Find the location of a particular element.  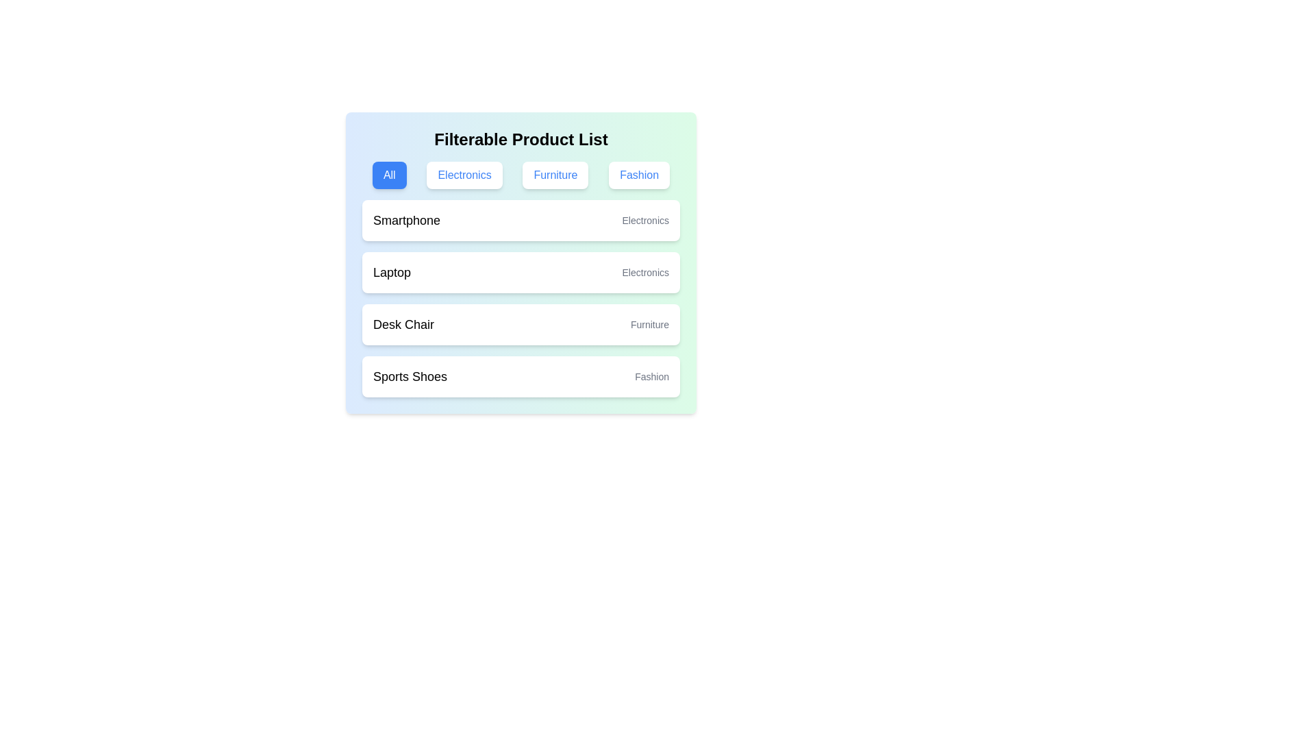

the product list item Smartphone is located at coordinates (521, 219).